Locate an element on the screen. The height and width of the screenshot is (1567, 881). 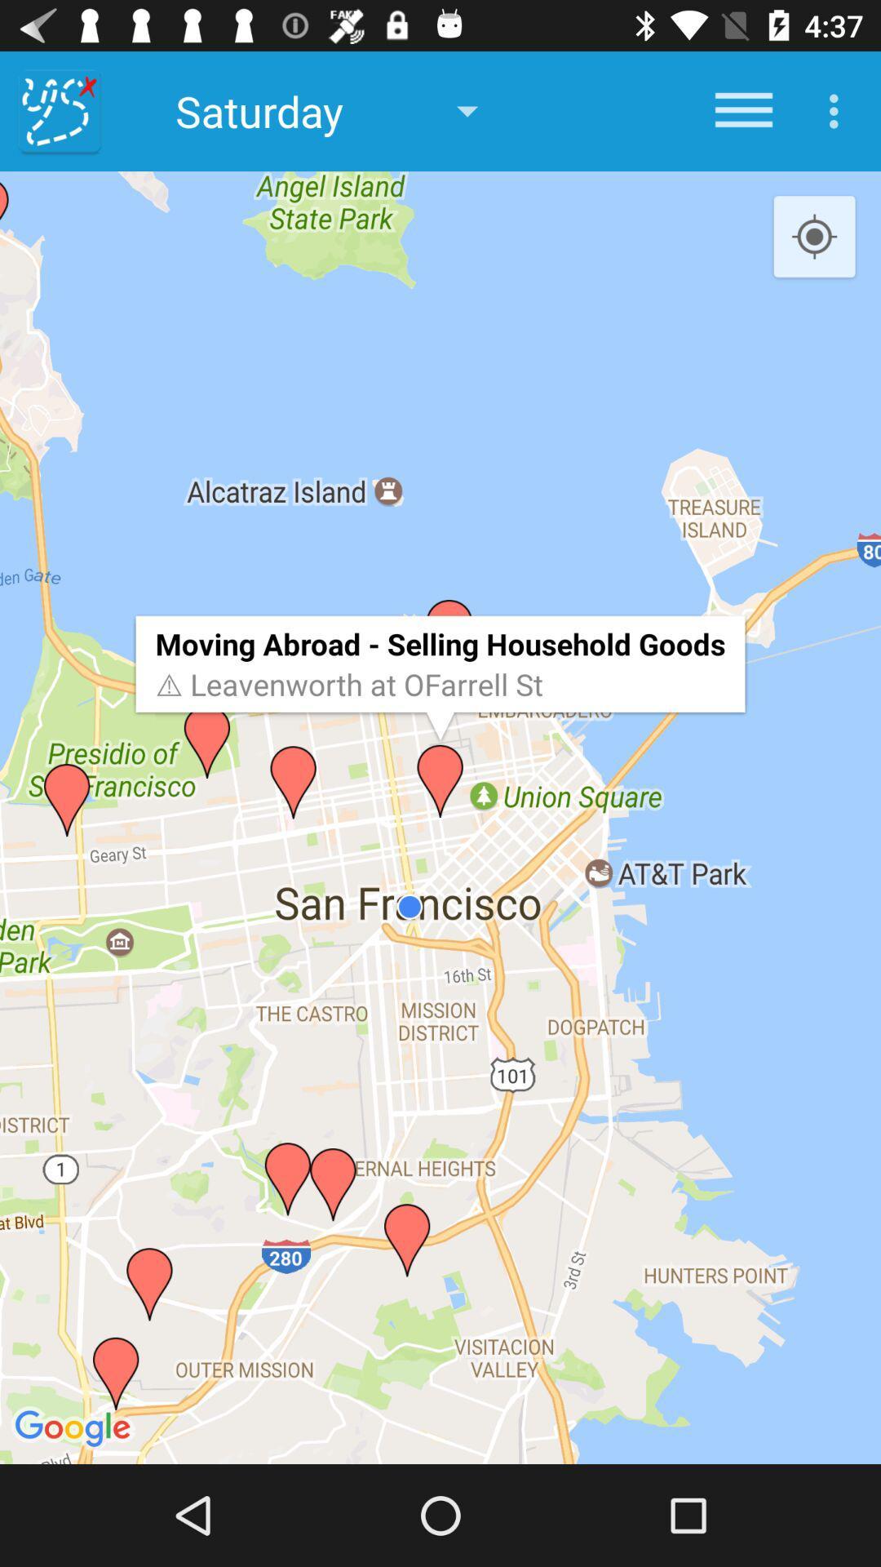
moving way is located at coordinates (59, 110).